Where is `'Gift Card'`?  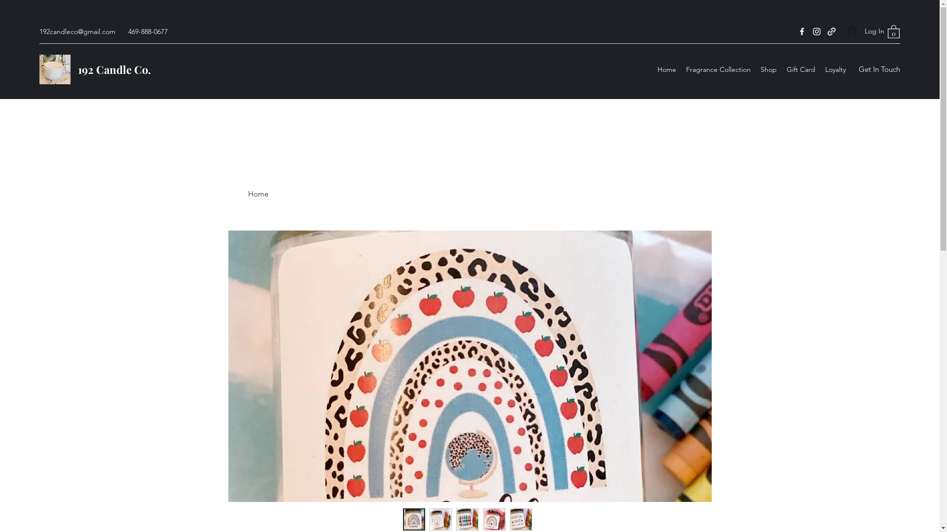 'Gift Card' is located at coordinates (781, 69).